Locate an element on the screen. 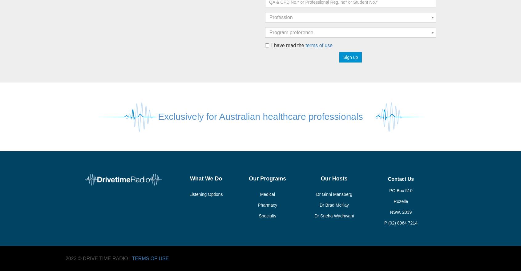 The image size is (521, 271). 'TERMS OF USE' is located at coordinates (150, 258).